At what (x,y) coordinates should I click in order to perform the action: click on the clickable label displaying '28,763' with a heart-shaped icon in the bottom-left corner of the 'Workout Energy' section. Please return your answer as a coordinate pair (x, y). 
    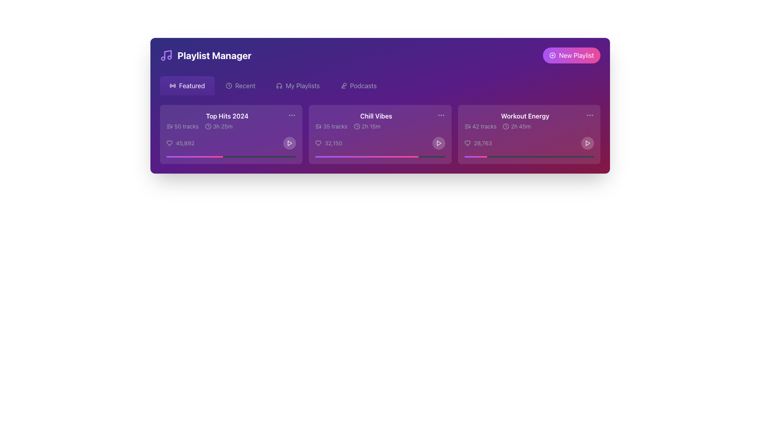
    Looking at the image, I should click on (478, 142).